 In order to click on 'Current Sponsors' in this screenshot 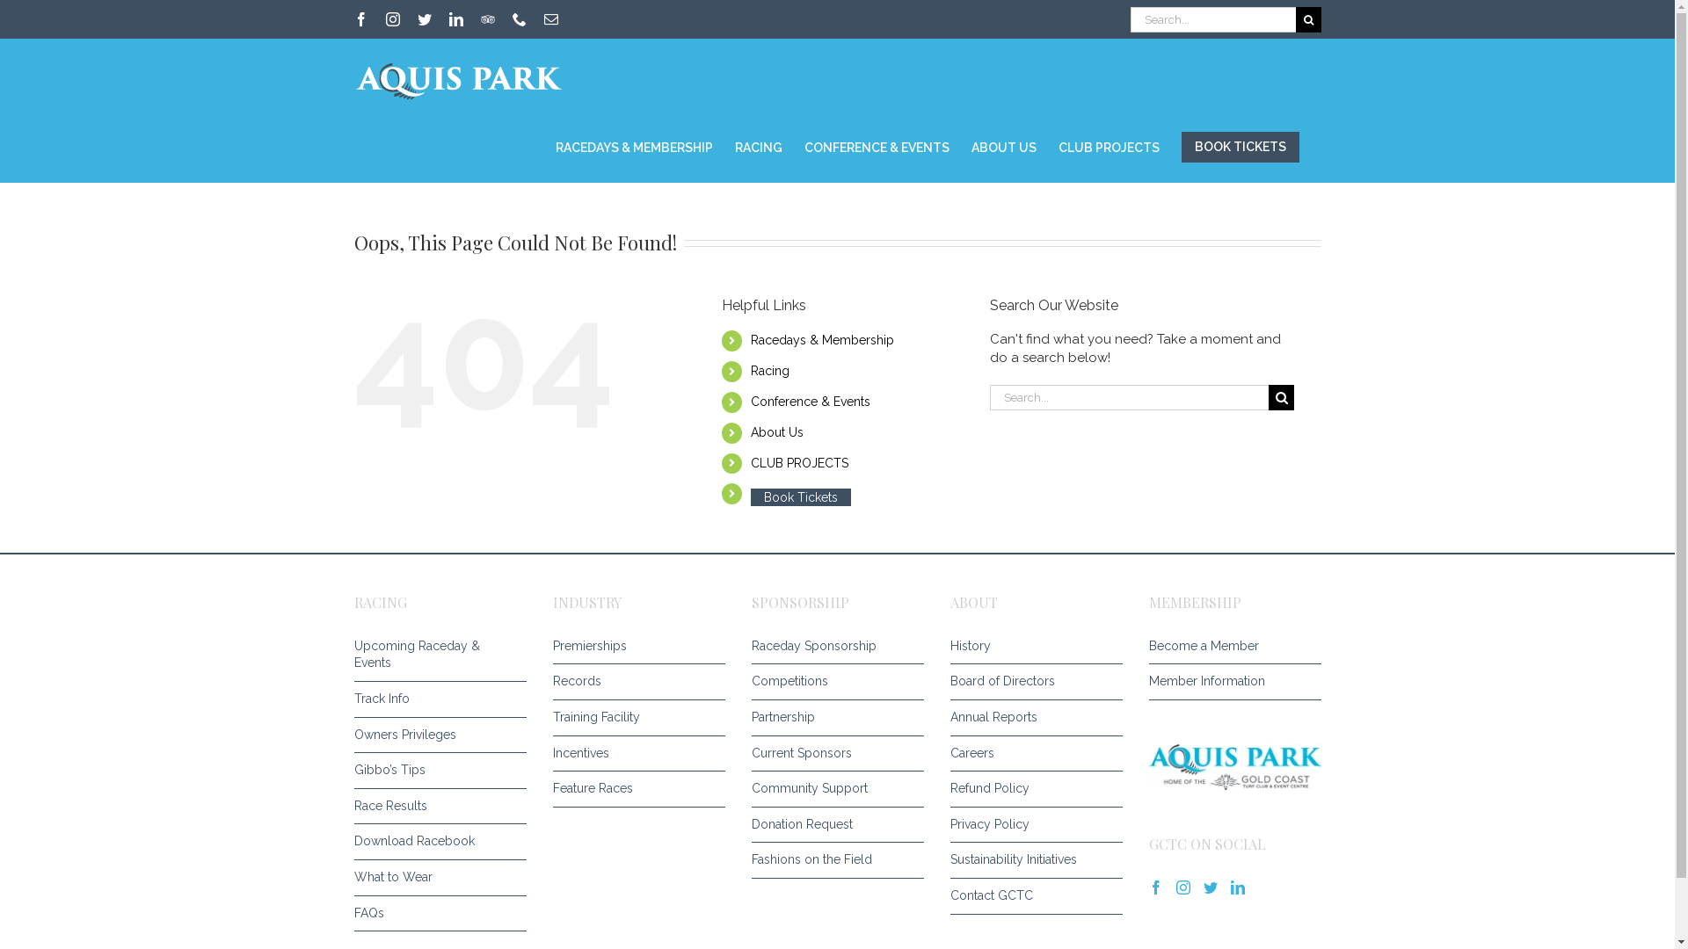, I will do `click(831, 752)`.